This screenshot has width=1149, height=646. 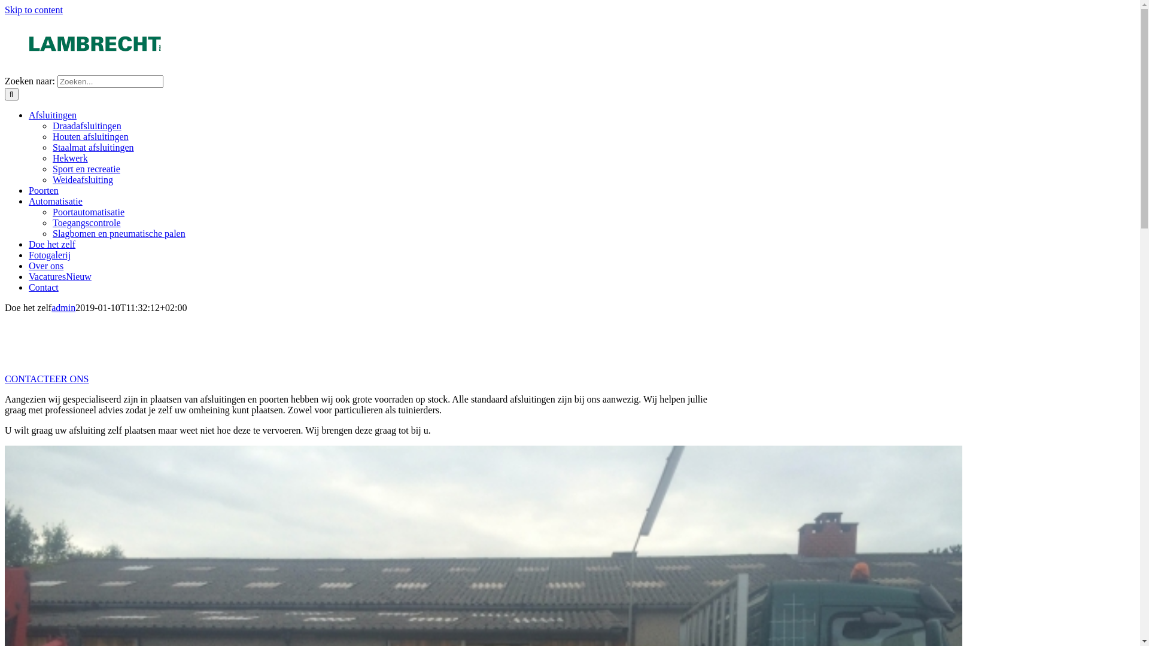 What do you see at coordinates (47, 379) in the screenshot?
I see `'CONTACTEER ONS'` at bounding box center [47, 379].